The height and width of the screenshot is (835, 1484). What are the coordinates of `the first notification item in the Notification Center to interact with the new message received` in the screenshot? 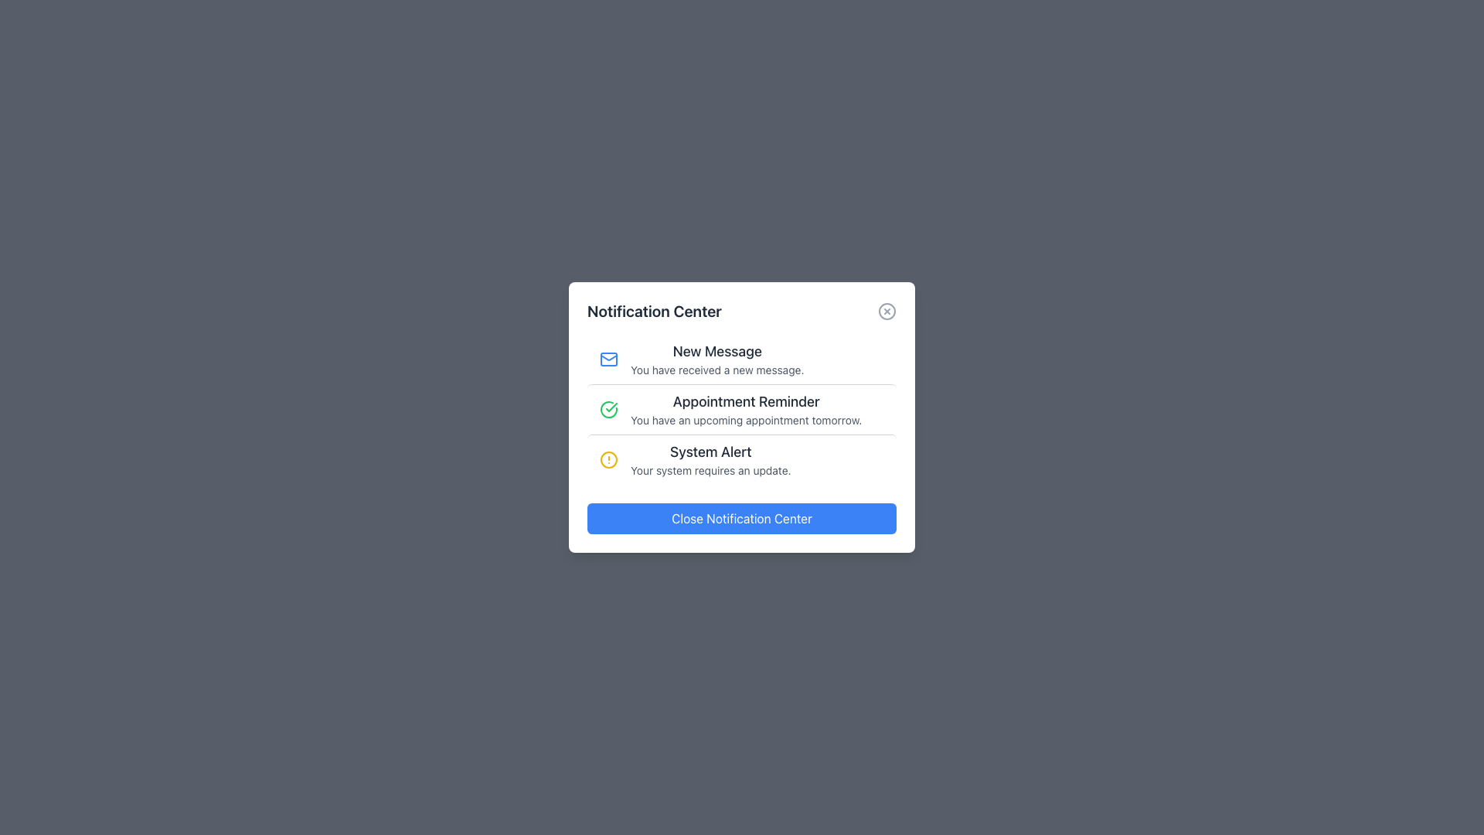 It's located at (742, 360).